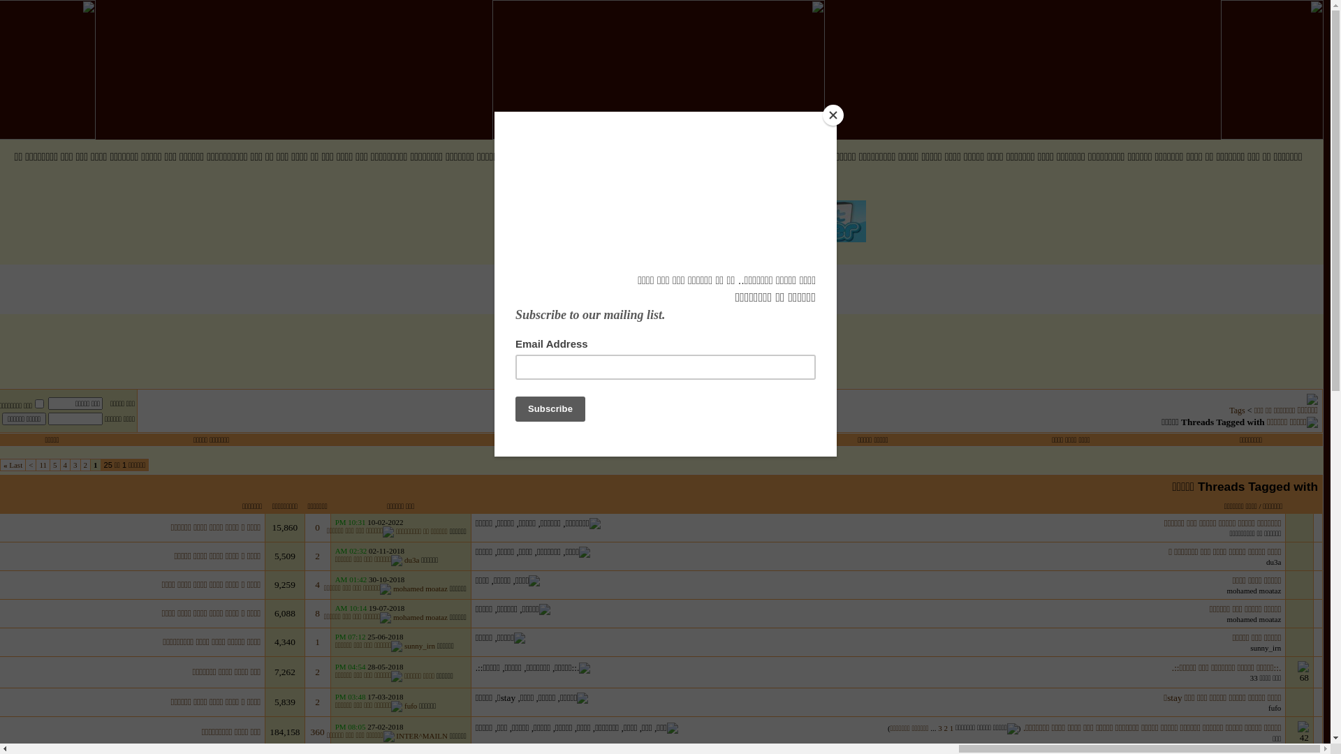  I want to click on 'fufo', so click(1274, 708).